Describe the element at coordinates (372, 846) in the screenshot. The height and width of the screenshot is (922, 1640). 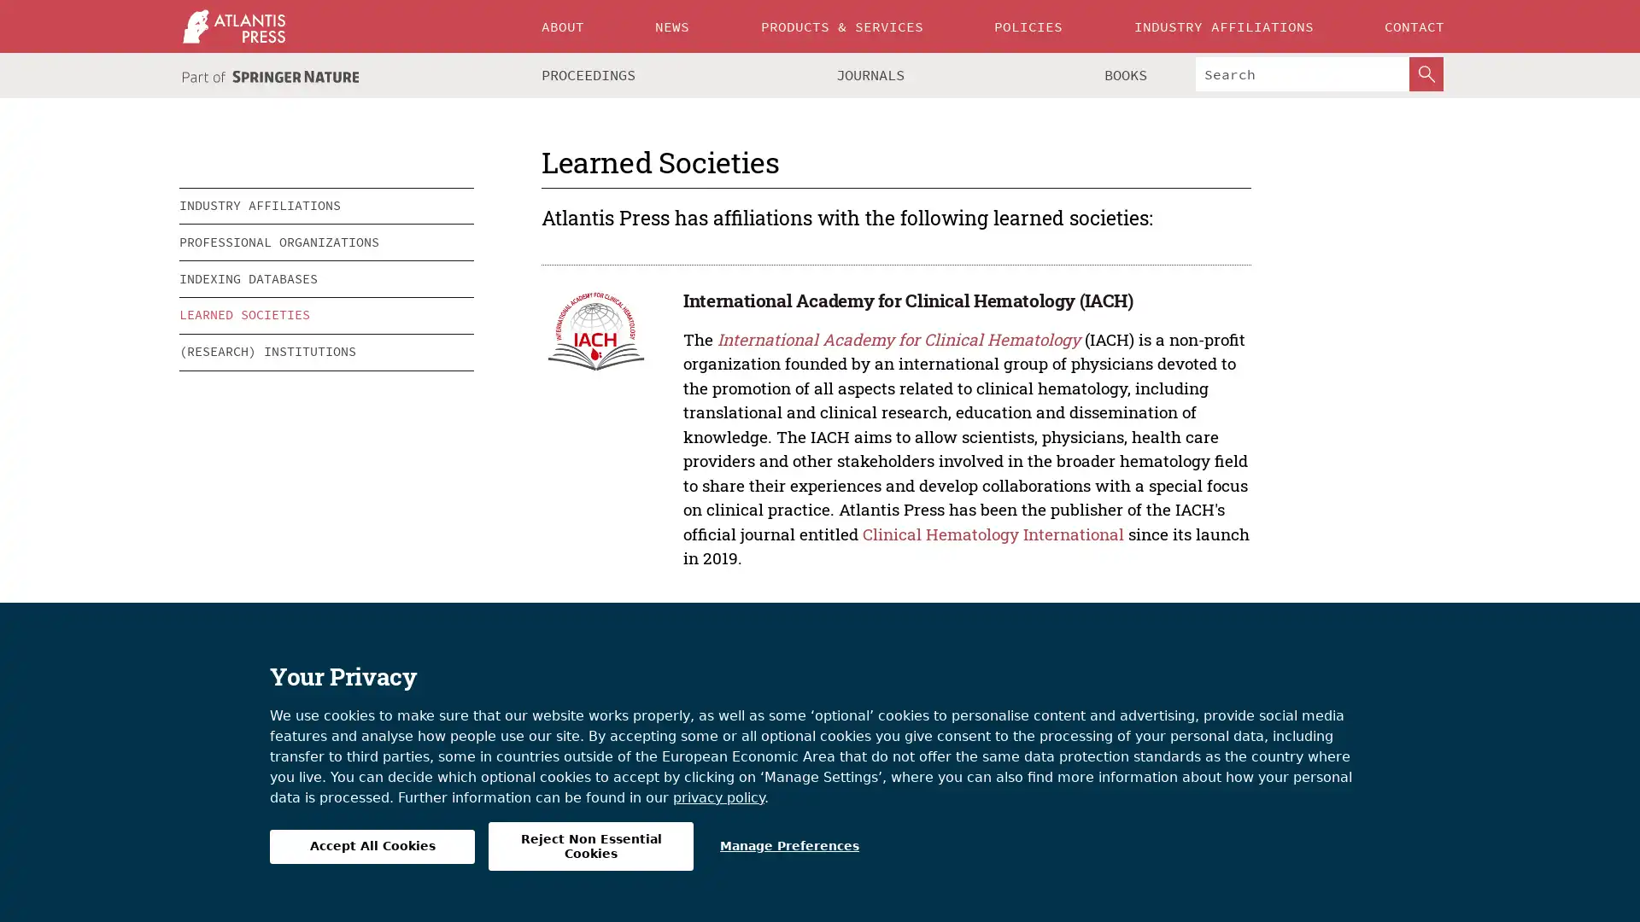
I see `Accept All Cookies` at that location.